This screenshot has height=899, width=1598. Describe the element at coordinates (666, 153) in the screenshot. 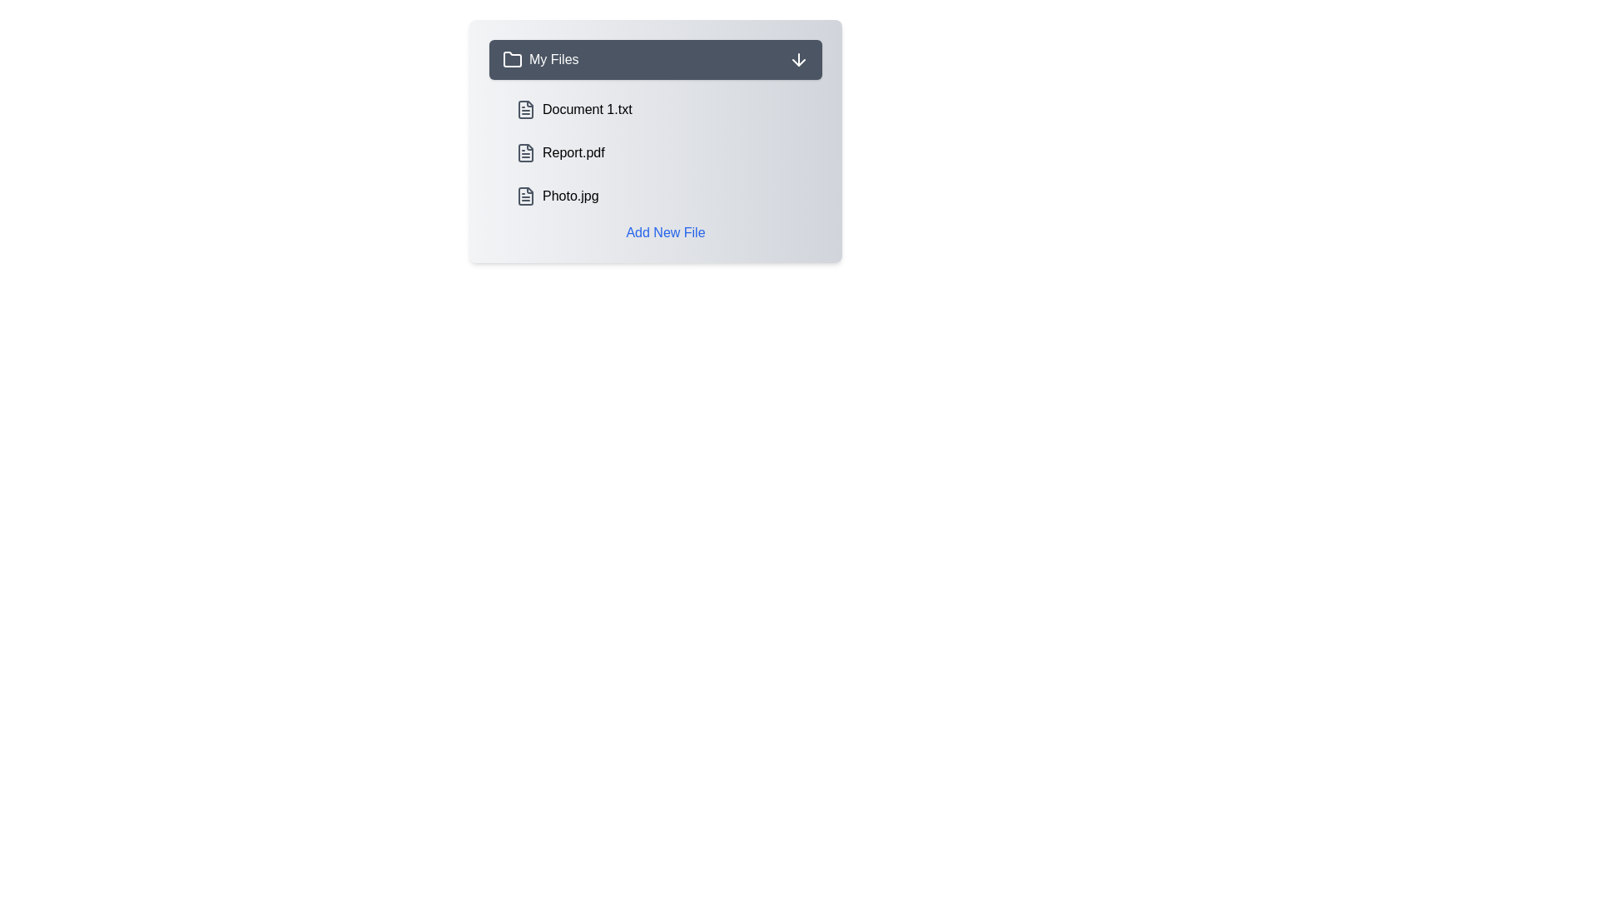

I see `the file named Report.pdf to highlight it` at that location.